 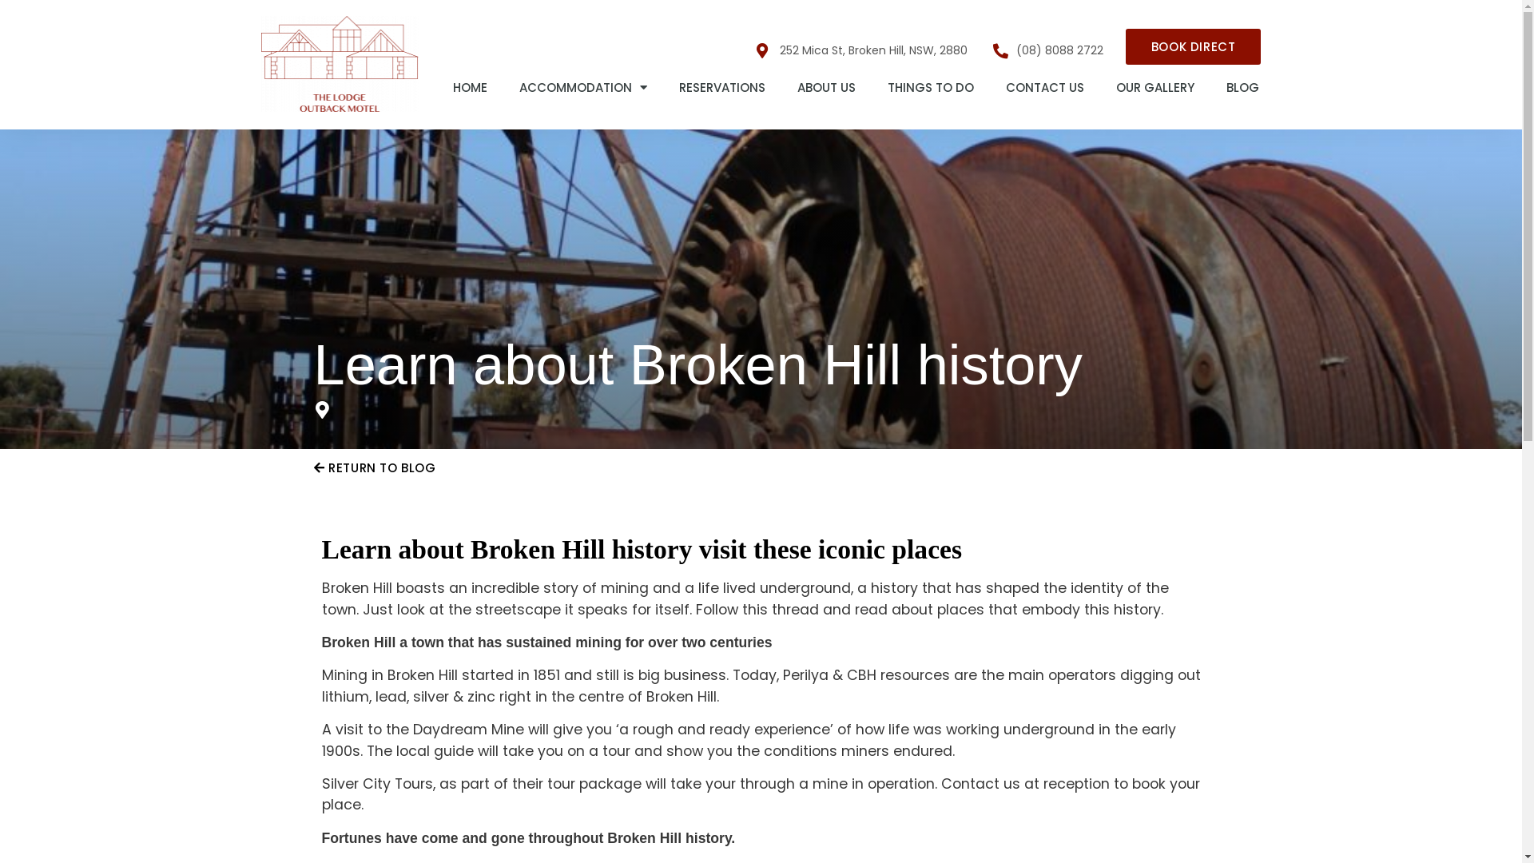 I want to click on 'RETURN TO BLOG', so click(x=373, y=467).